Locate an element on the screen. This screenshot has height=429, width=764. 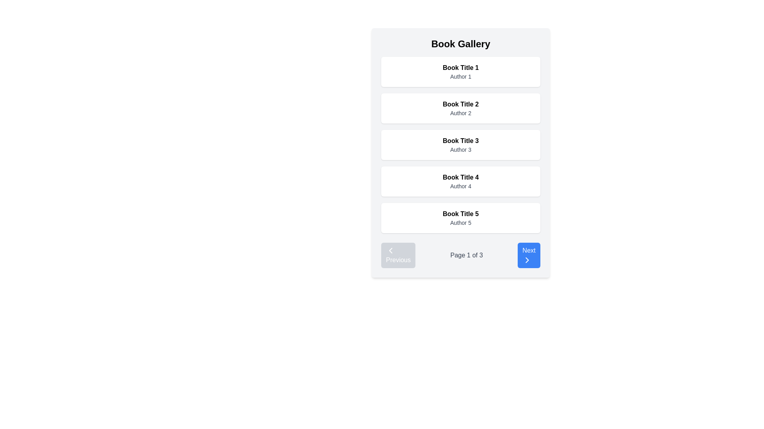
the text label displaying 'Book Title 5', which is part of the fifth card in a vertical list, centrally aligned and above 'Author 5' is located at coordinates (460, 214).